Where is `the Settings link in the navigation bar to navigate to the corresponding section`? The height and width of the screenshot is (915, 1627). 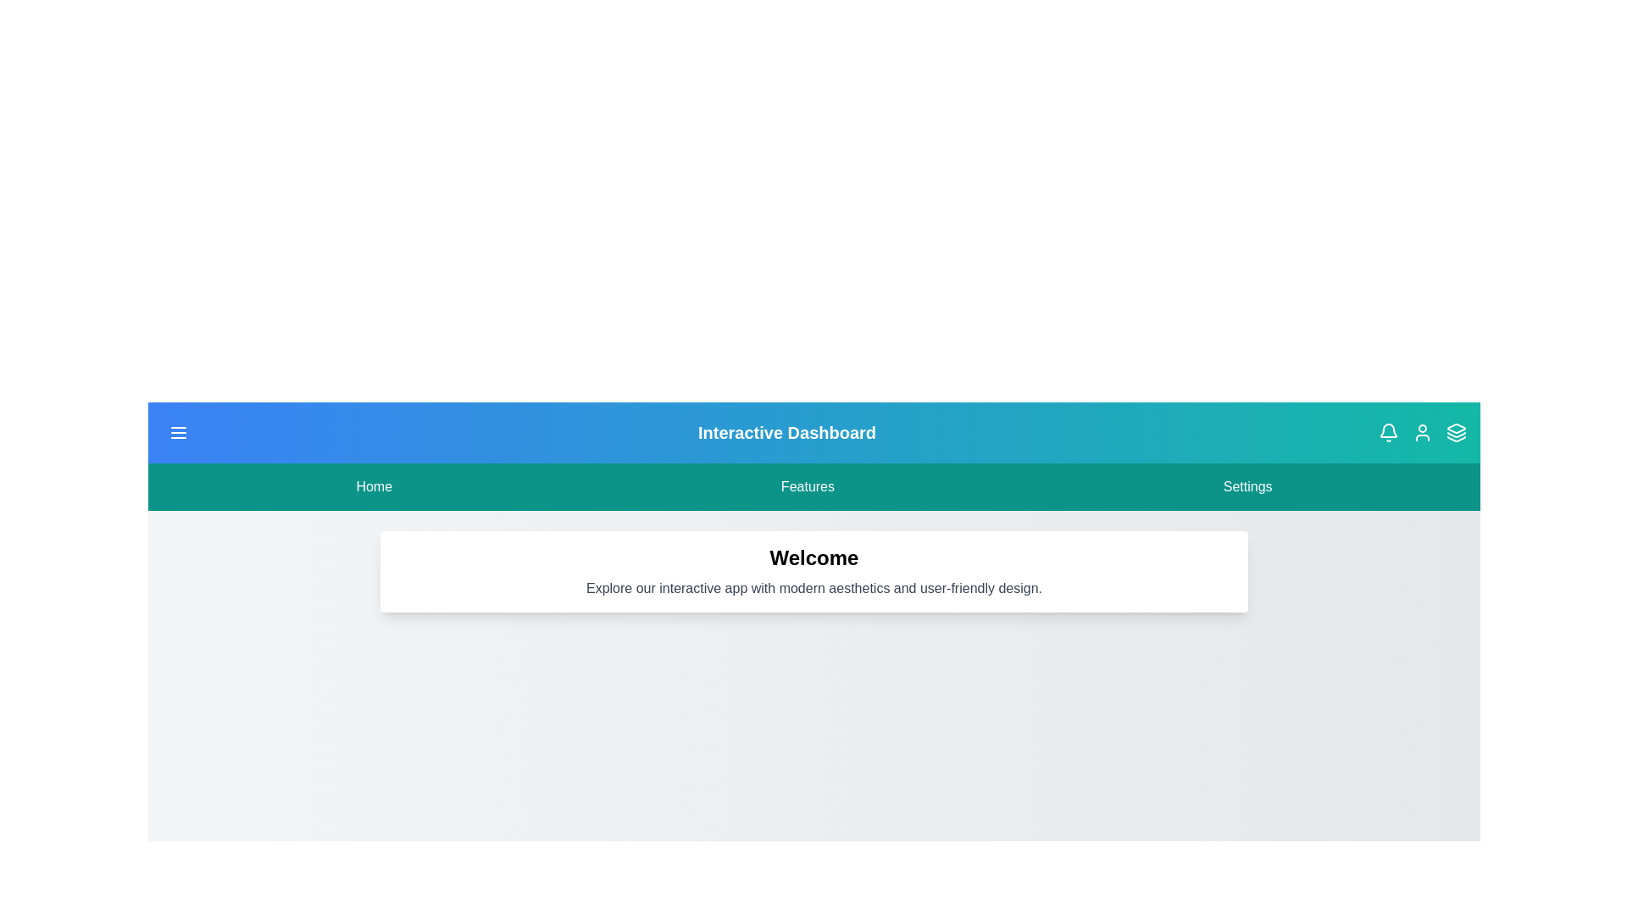 the Settings link in the navigation bar to navigate to the corresponding section is located at coordinates (1247, 486).